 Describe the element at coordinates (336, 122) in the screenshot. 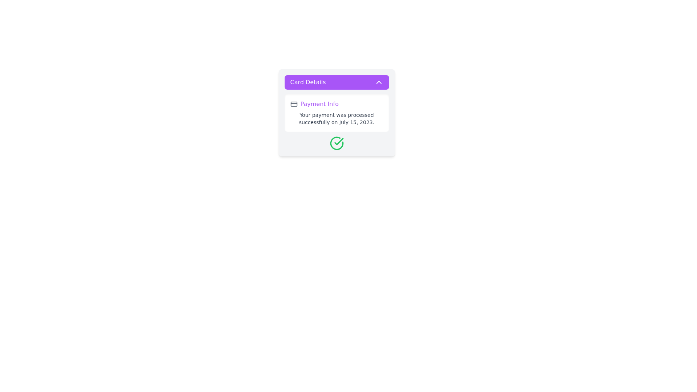

I see `the informational text block that displays 'Payment Info' with a confirmation message, located below the 'Card Details' heading in a purple bar` at that location.